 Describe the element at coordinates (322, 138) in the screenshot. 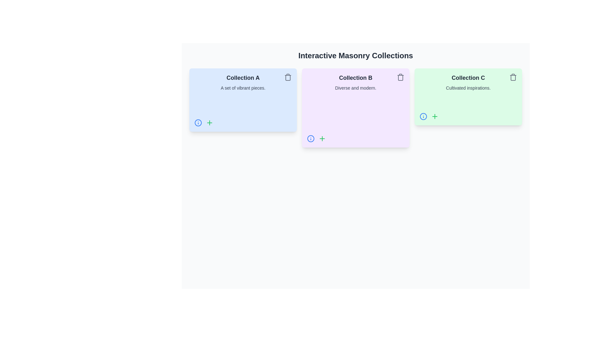

I see `the green plus icon button located at the bottom-left corner of the purple card labeled 'Collection B'` at that location.